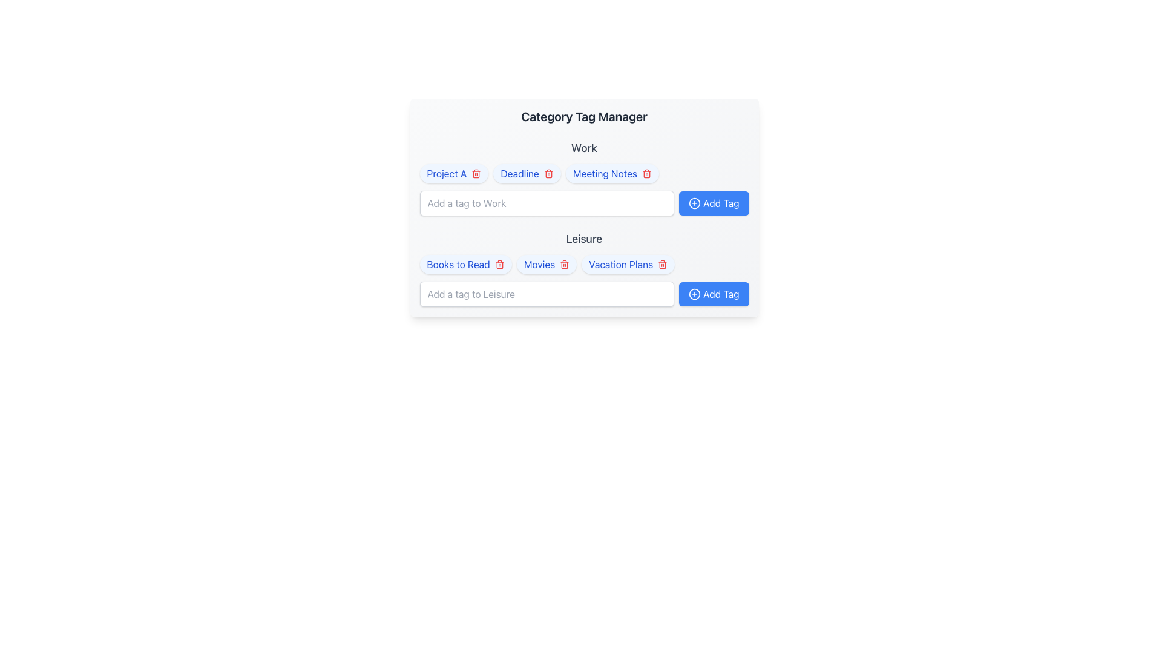 The image size is (1162, 654). Describe the element at coordinates (714, 202) in the screenshot. I see `the 'Add Tag' button, which has a blue background and white text, to initiate adding a tag` at that location.